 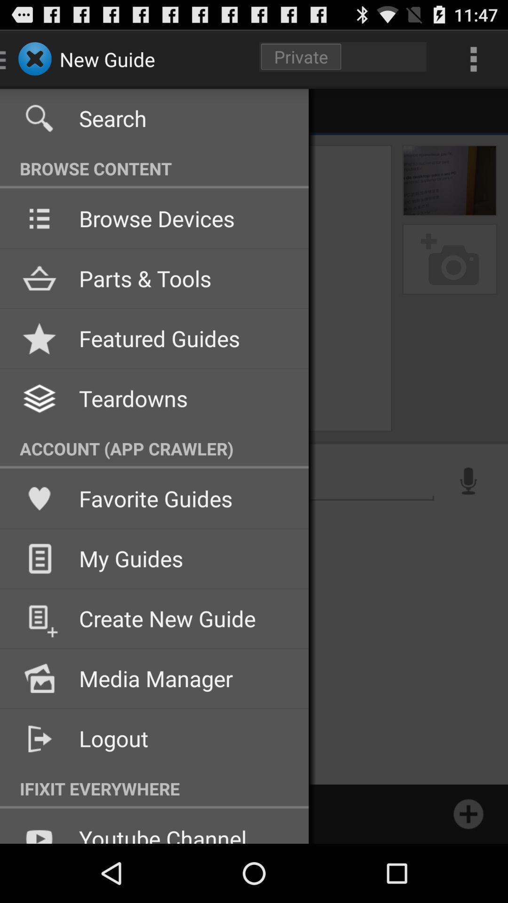 I want to click on the add icon, so click(x=468, y=871).